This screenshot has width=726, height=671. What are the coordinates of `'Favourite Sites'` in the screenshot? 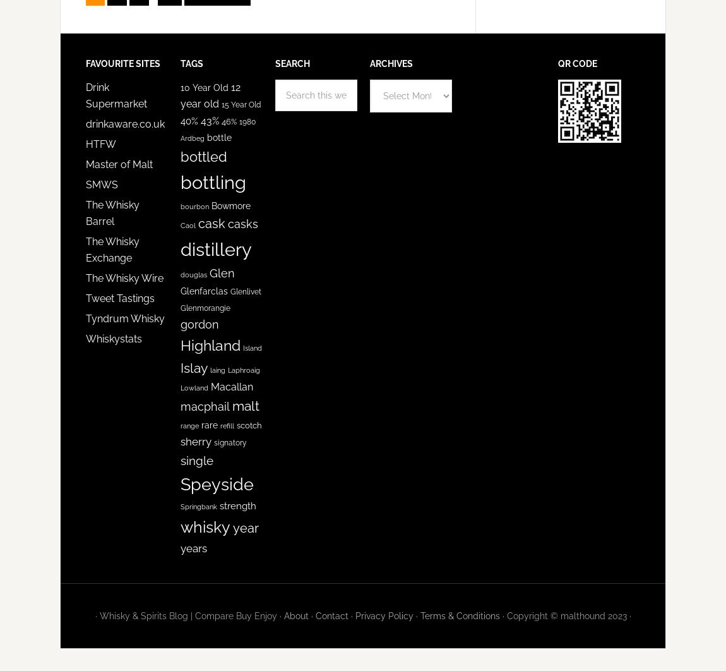 It's located at (85, 63).